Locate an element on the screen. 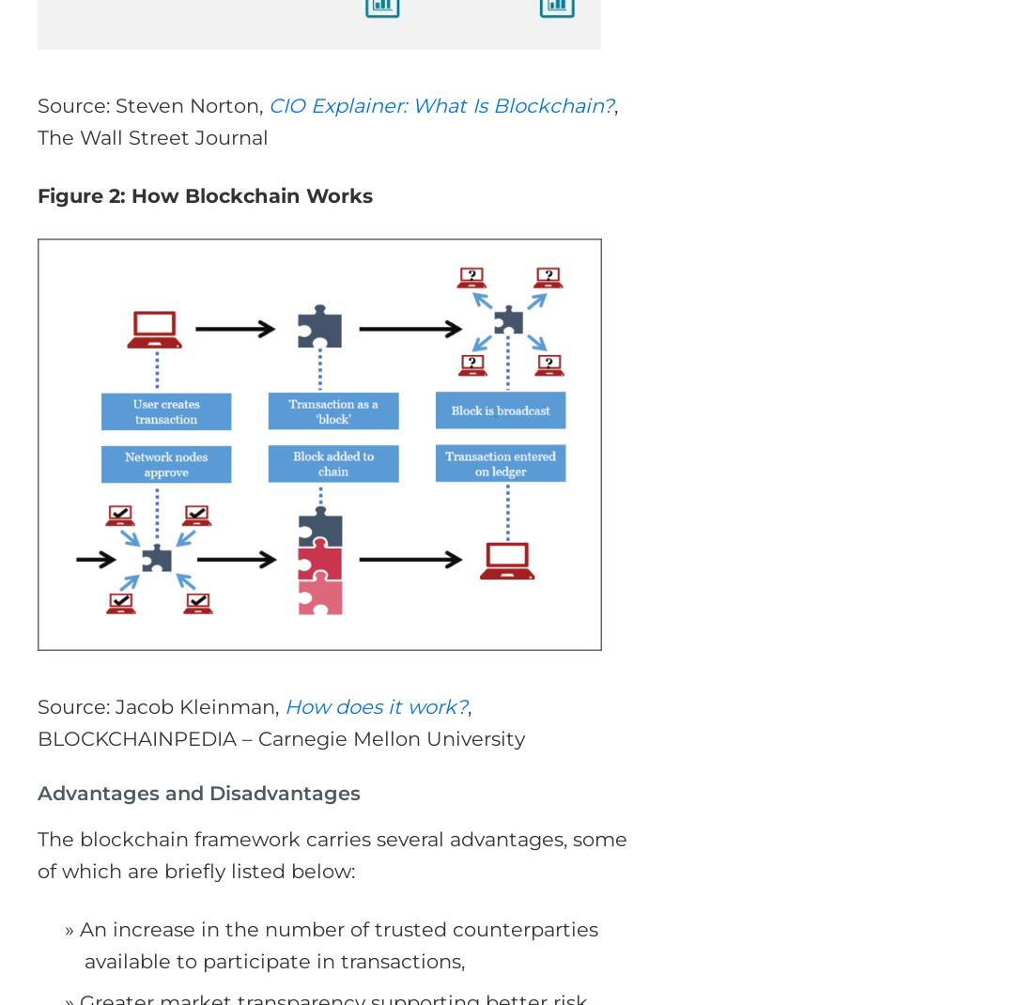 The height and width of the screenshot is (1005, 1035). 'Source: Jacob Kleinman,' is located at coordinates (161, 704).